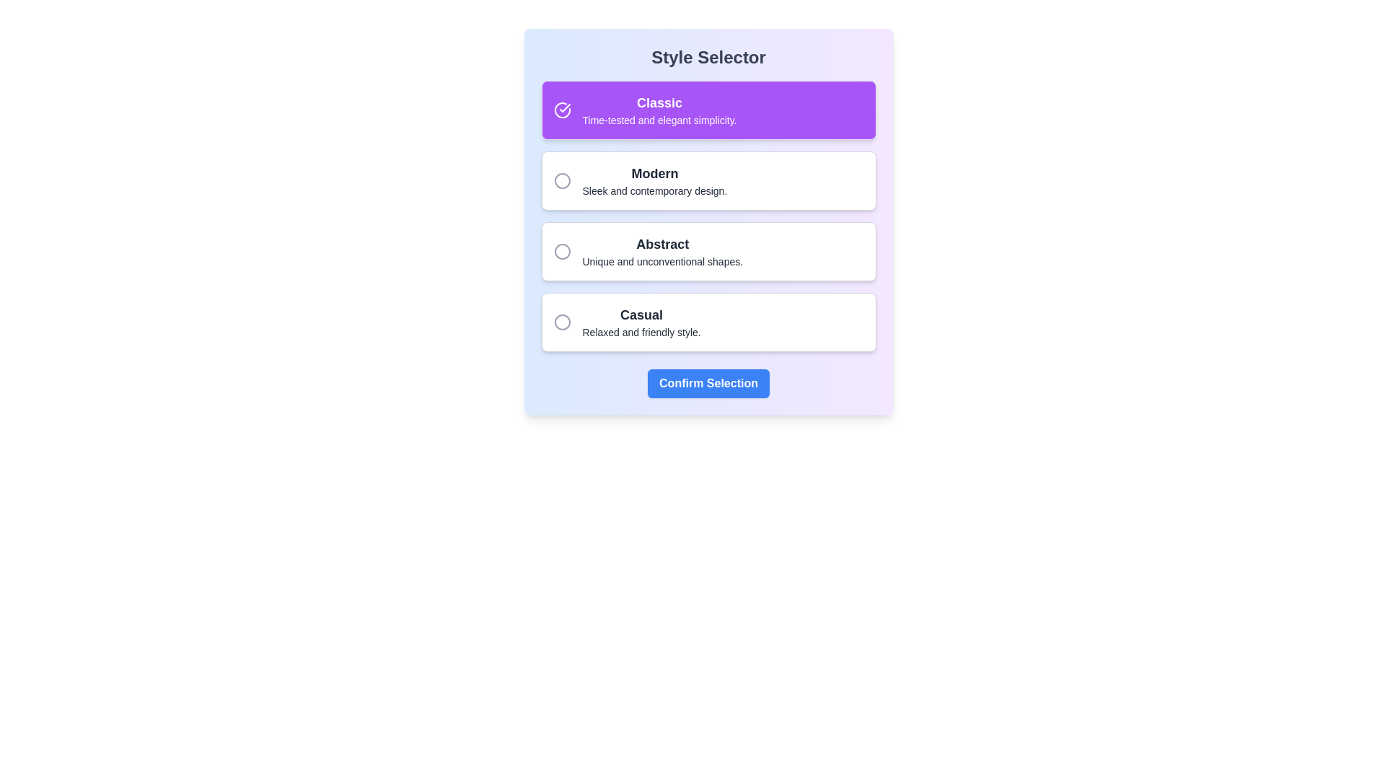 The image size is (1385, 779). I want to click on the 'Classic' text block within the selectable card in the 'Style Selector' dialog box, so click(659, 110).